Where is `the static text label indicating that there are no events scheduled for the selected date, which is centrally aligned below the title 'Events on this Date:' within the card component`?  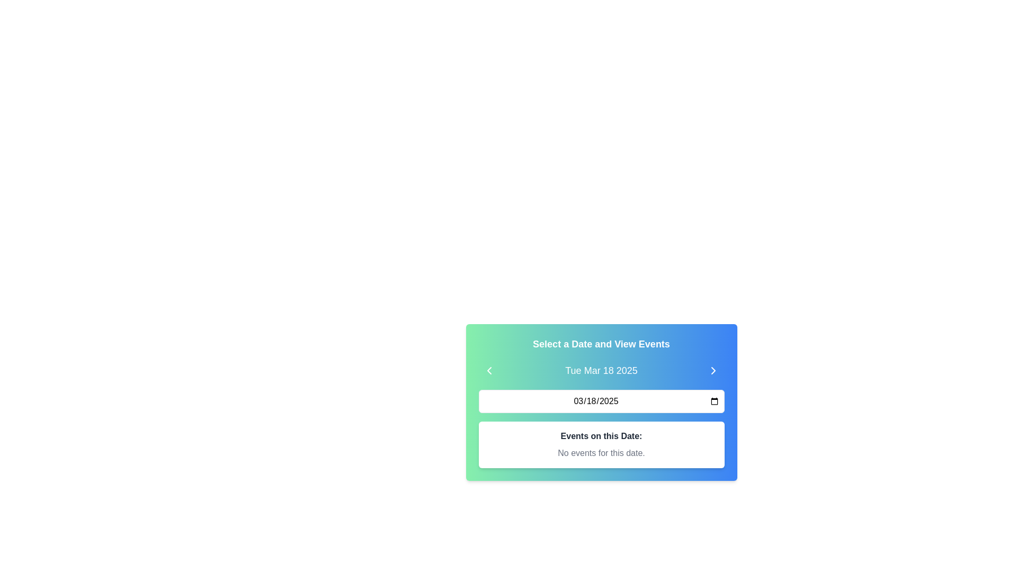 the static text label indicating that there are no events scheduled for the selected date, which is centrally aligned below the title 'Events on this Date:' within the card component is located at coordinates (601, 453).